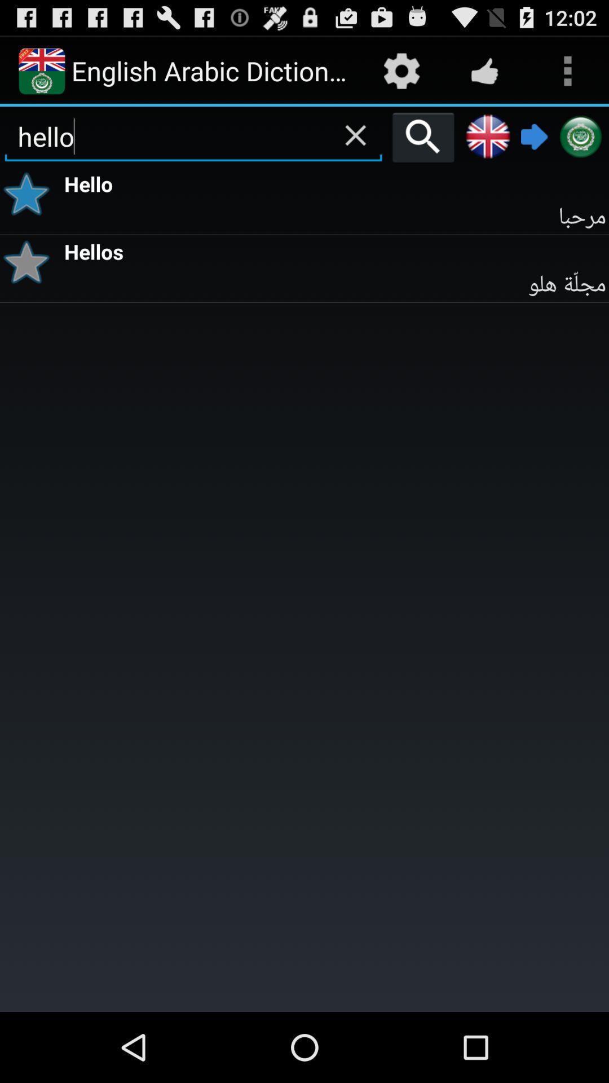 The width and height of the screenshot is (609, 1083). Describe the element at coordinates (423, 146) in the screenshot. I see `the search icon` at that location.